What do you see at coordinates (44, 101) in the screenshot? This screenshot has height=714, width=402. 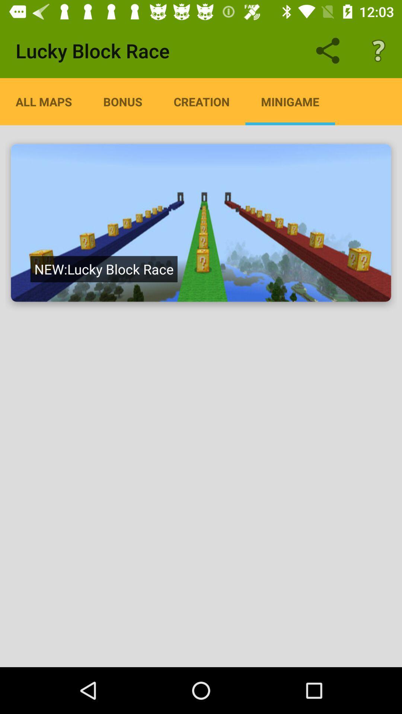 I see `all maps icon` at bounding box center [44, 101].